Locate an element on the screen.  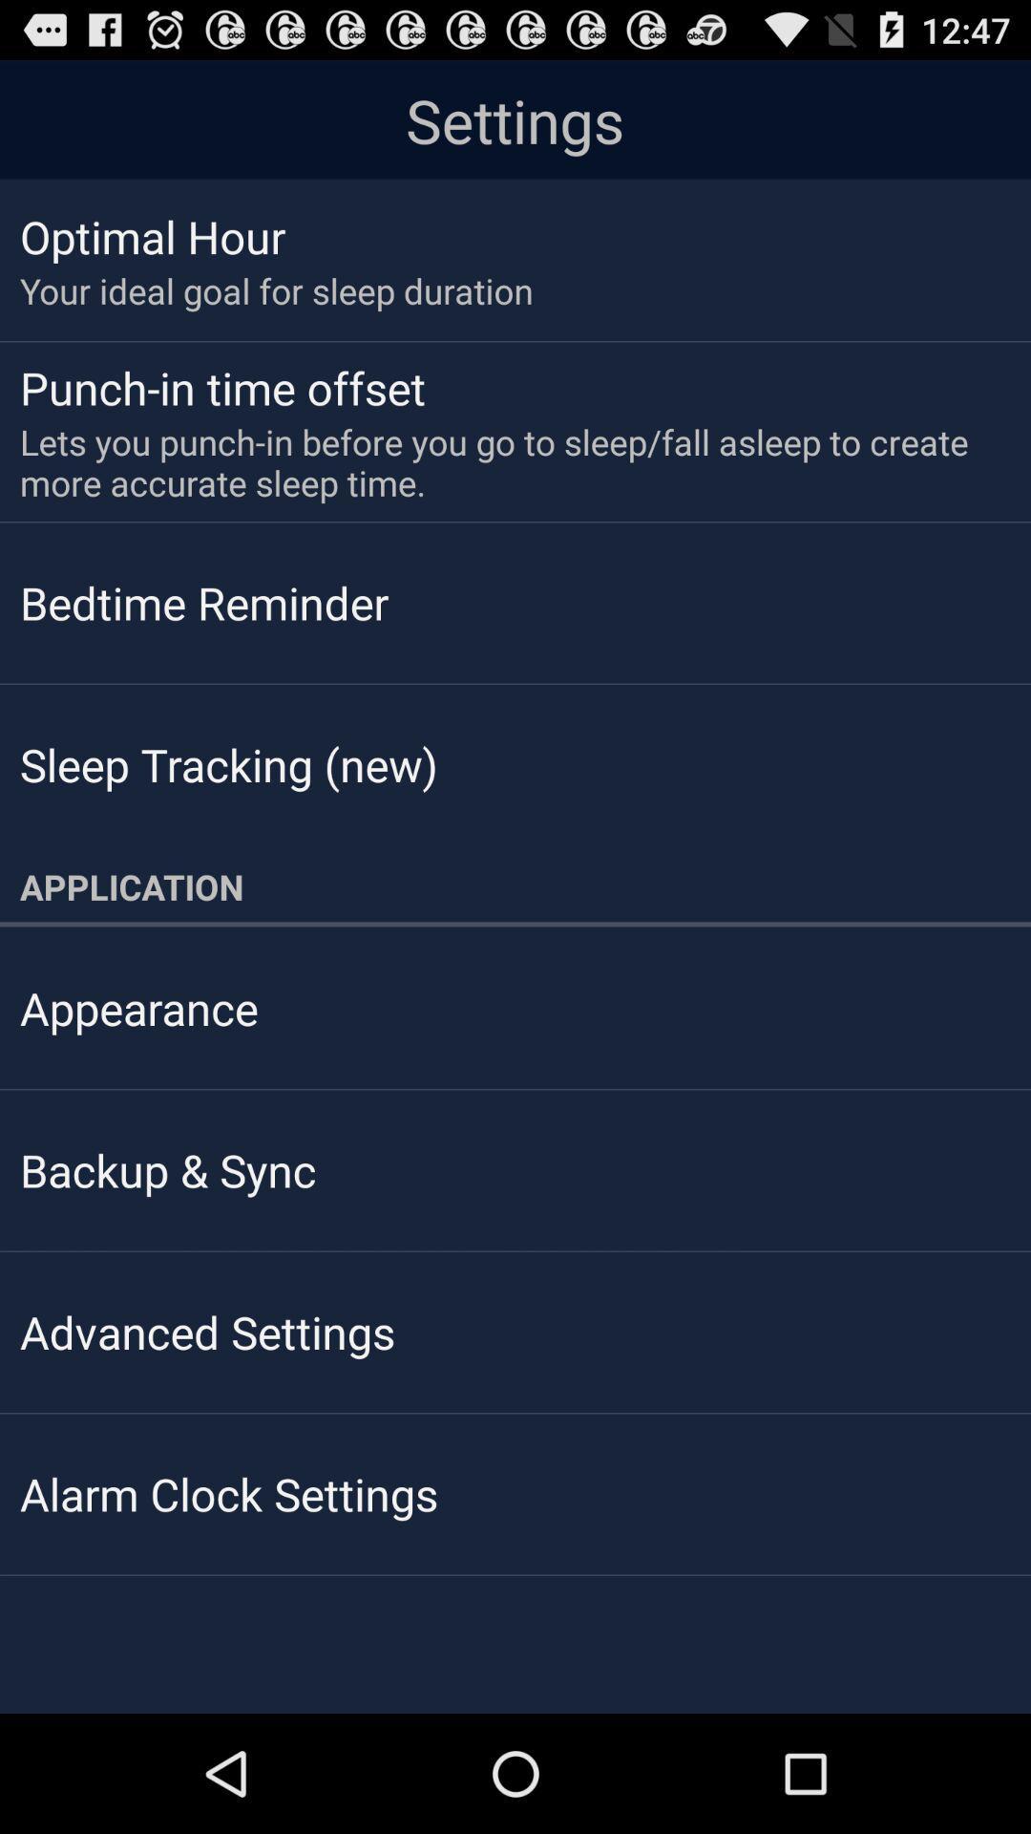
icon below the advanced settings icon is located at coordinates (227, 1493).